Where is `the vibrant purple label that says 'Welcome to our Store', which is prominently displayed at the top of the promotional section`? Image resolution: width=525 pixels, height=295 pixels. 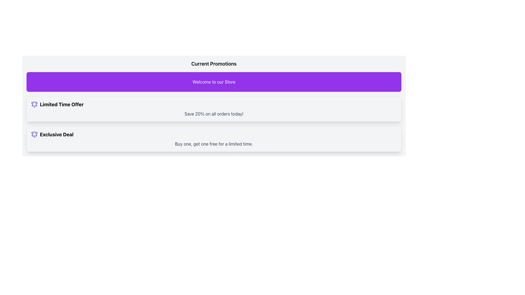
the vibrant purple label that says 'Welcome to our Store', which is prominently displayed at the top of the promotional section is located at coordinates (214, 82).